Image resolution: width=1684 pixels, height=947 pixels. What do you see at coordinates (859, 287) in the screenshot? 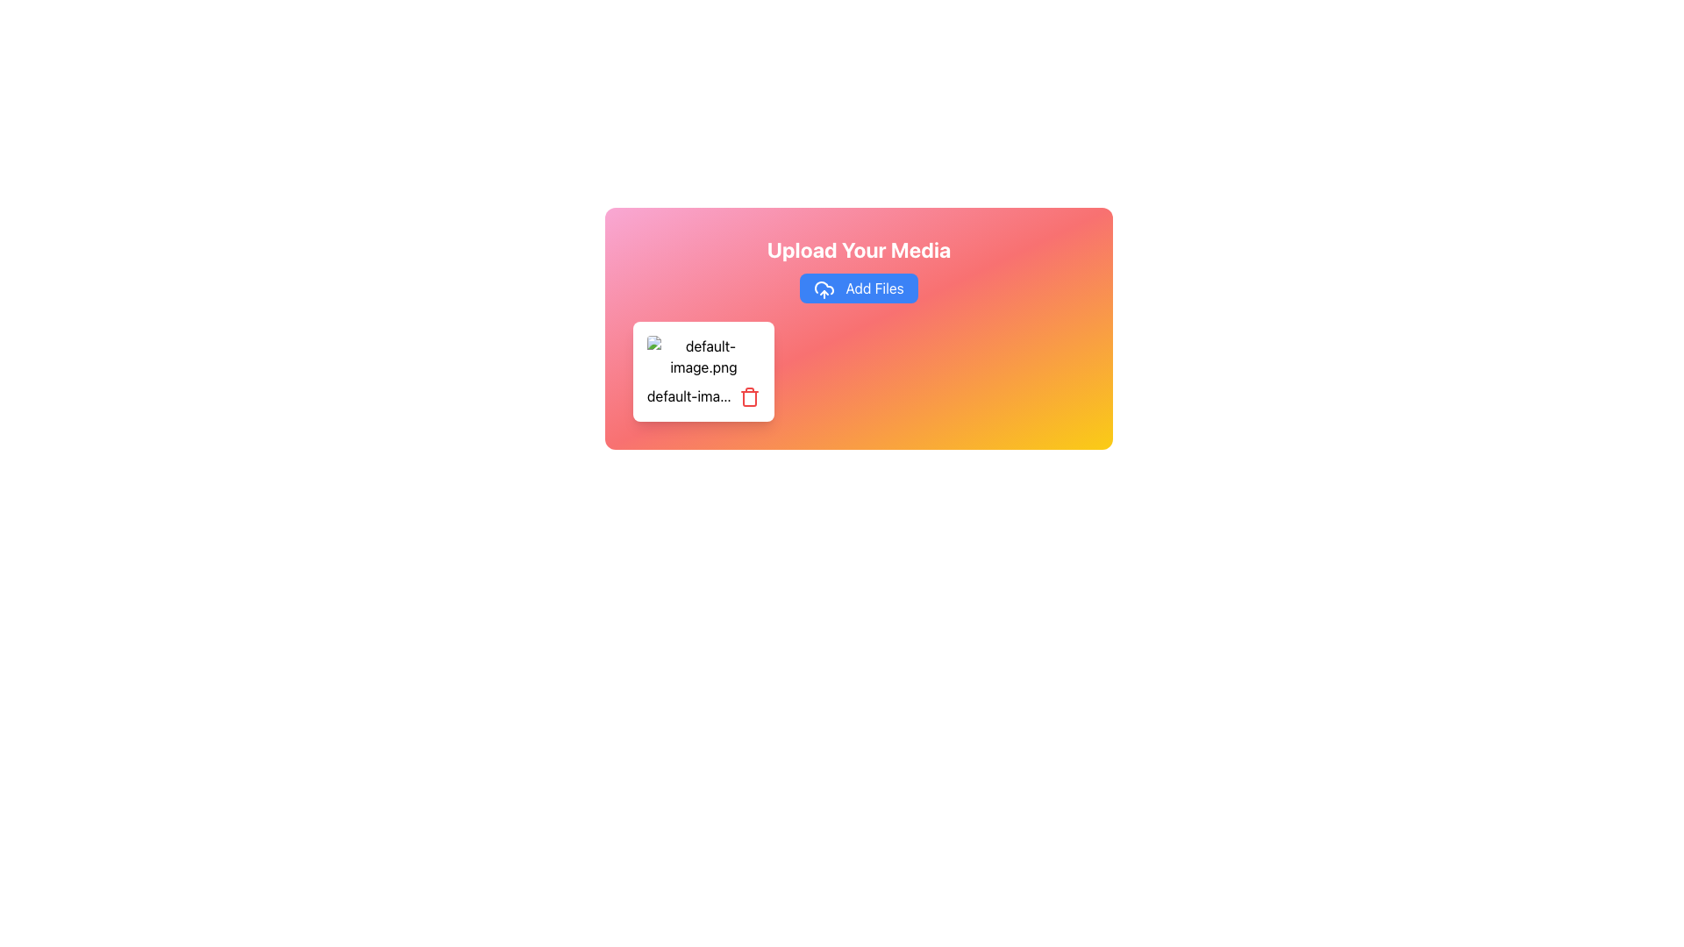
I see `the file upload button located centrally under the 'Upload Your Media' text` at bounding box center [859, 287].